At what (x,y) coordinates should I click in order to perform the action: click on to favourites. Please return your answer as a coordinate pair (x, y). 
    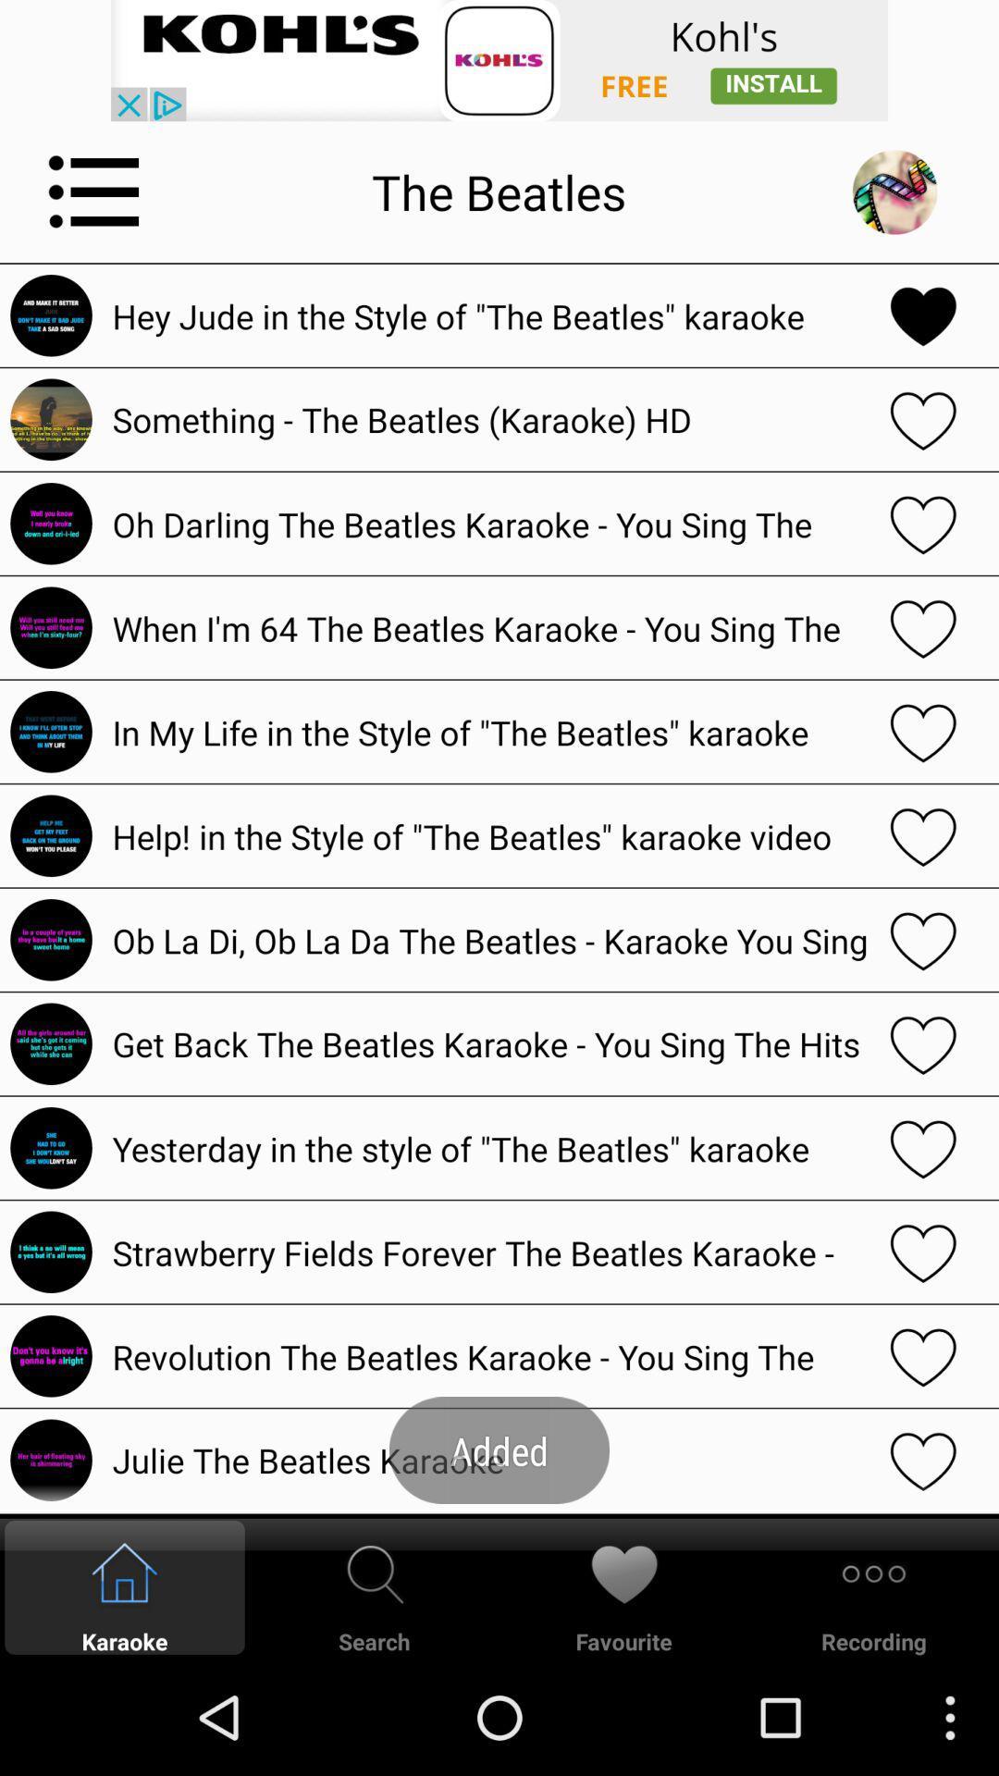
    Looking at the image, I should click on (923, 1459).